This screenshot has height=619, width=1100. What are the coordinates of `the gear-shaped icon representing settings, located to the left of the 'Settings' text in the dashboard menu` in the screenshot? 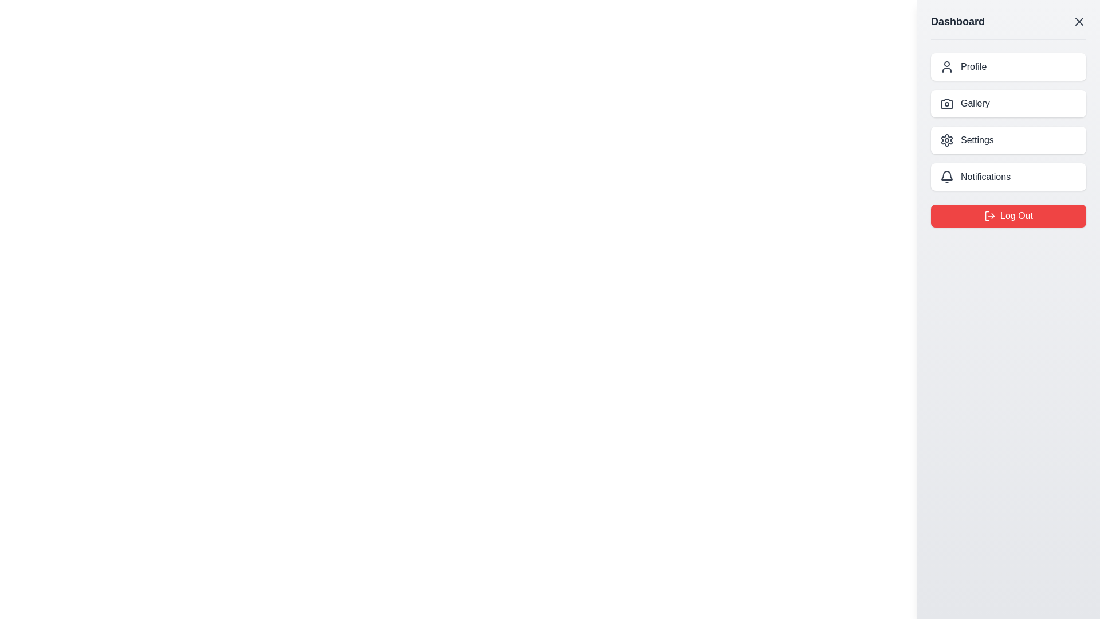 It's located at (946, 140).